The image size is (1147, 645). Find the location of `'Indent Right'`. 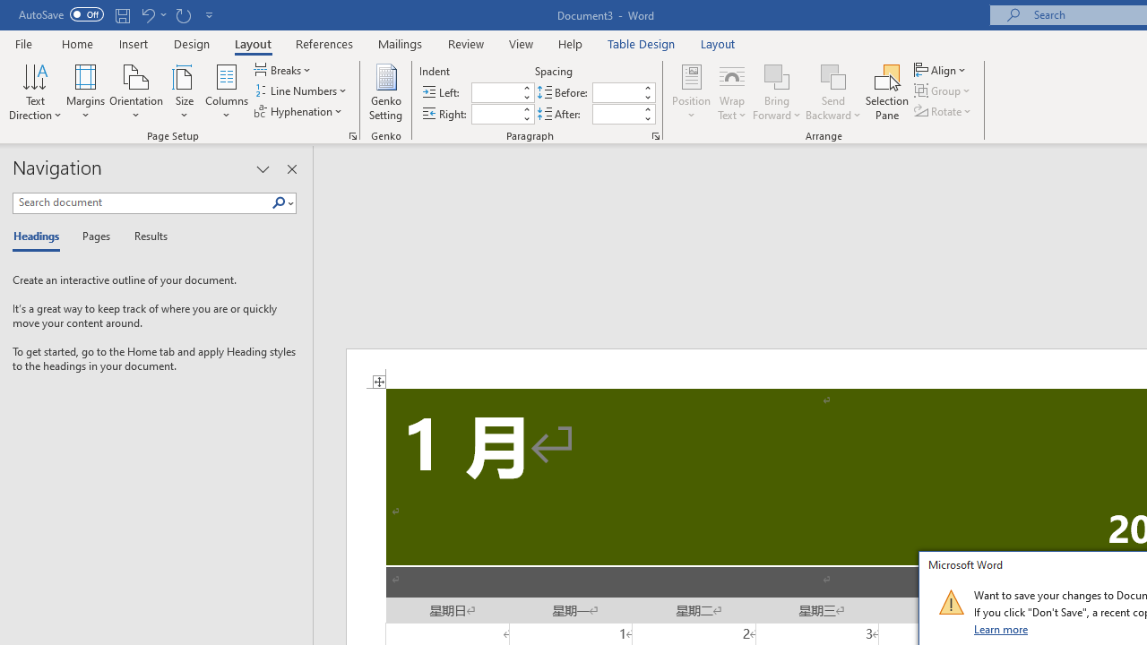

'Indent Right' is located at coordinates (495, 114).